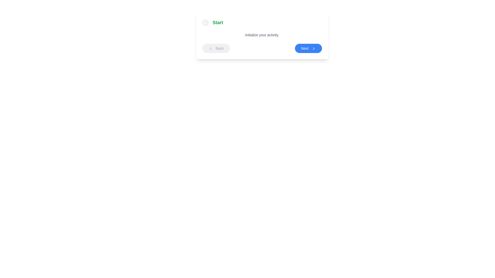 The width and height of the screenshot is (495, 278). I want to click on the 'Next' button to navigate to the next step, so click(308, 48).